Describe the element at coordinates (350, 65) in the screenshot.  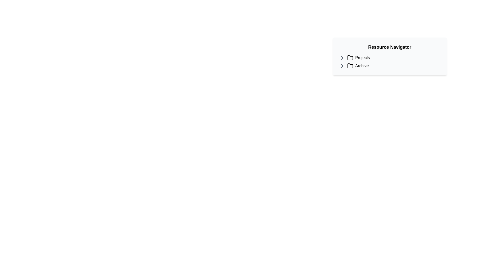
I see `the 'Archive' icon, which visually represents the 'Archive' directory` at that location.